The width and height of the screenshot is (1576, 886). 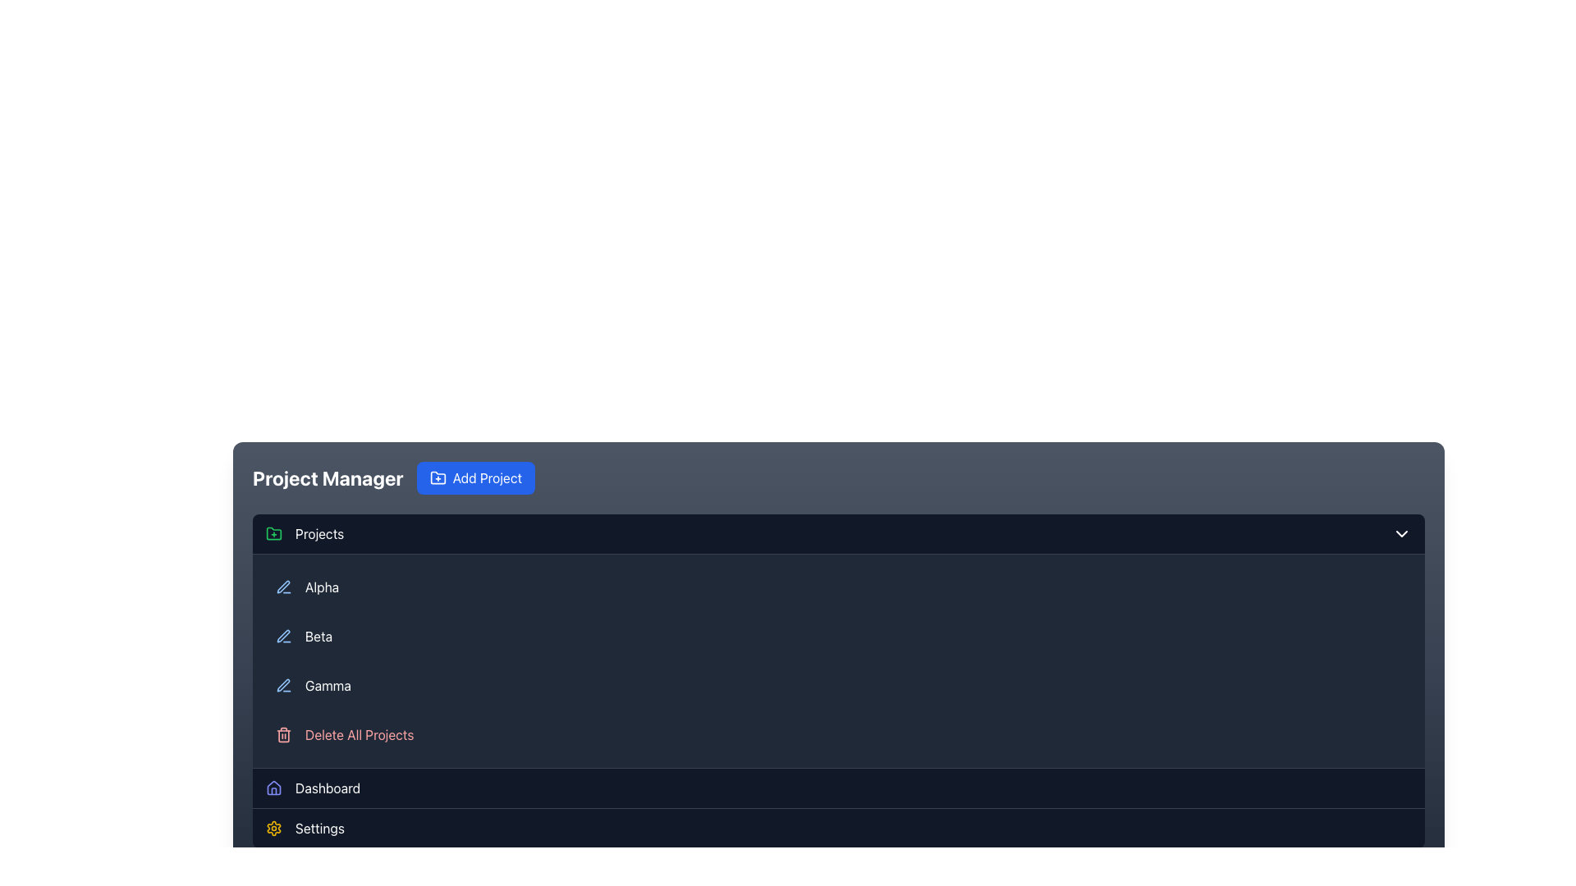 What do you see at coordinates (438, 477) in the screenshot?
I see `the folder icon with a plus symbol inside the 'Add Project' button located at the top-right of the interface` at bounding box center [438, 477].